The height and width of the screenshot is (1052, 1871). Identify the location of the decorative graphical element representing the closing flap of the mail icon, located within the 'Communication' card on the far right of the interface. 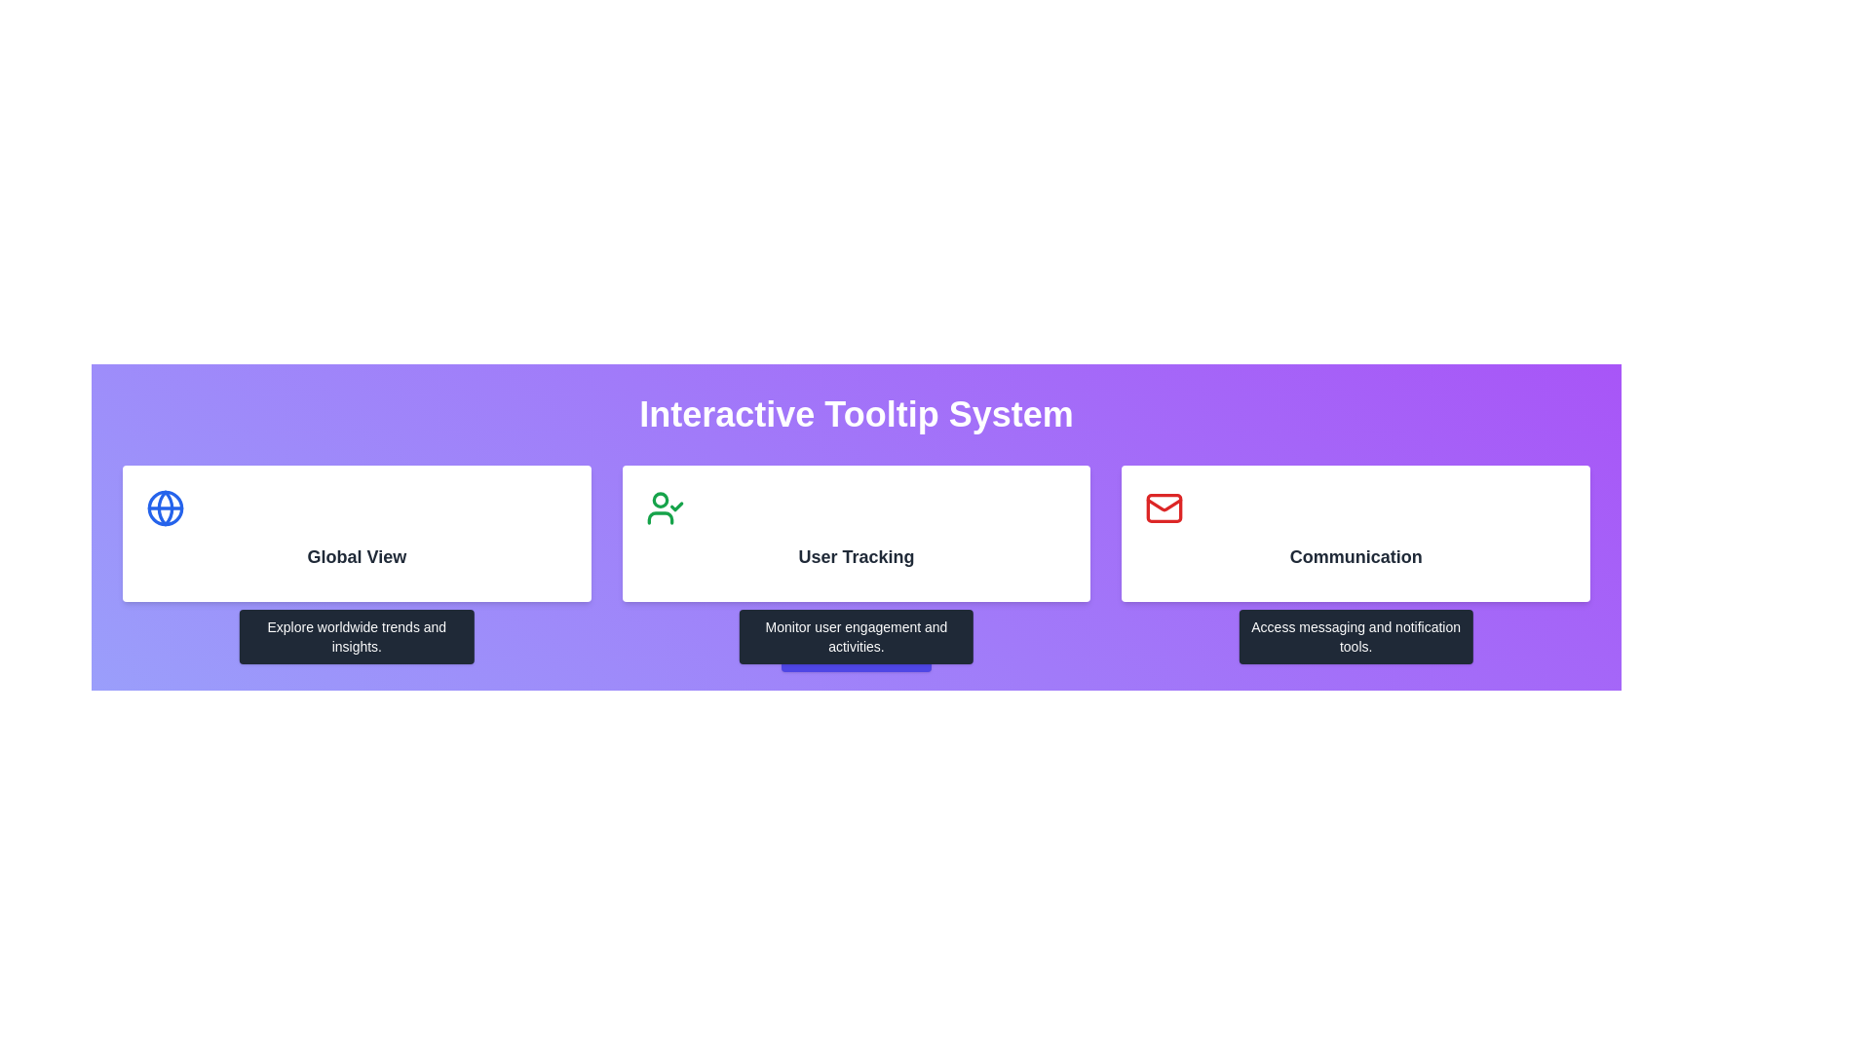
(1165, 504).